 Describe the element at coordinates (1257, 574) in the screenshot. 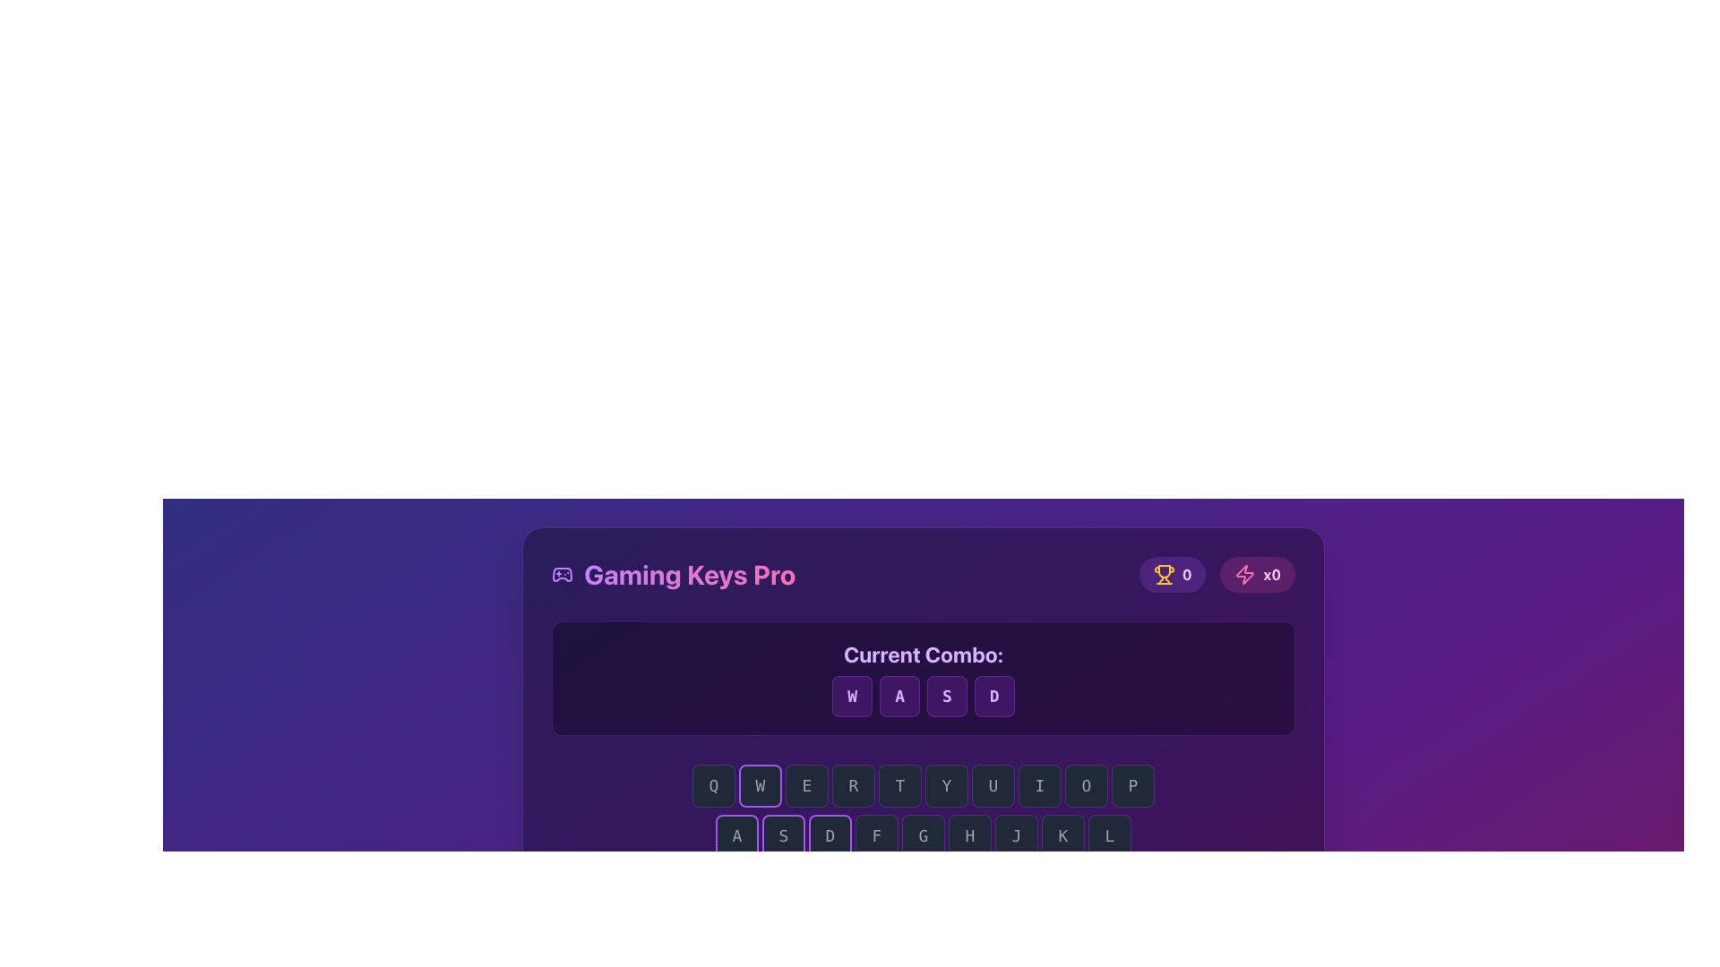

I see `displayed value from the statistical display component that shows a count associated with a lightning or energy-related metric, positioned to the right of a similar element displaying '0' with a trophy symbol` at that location.